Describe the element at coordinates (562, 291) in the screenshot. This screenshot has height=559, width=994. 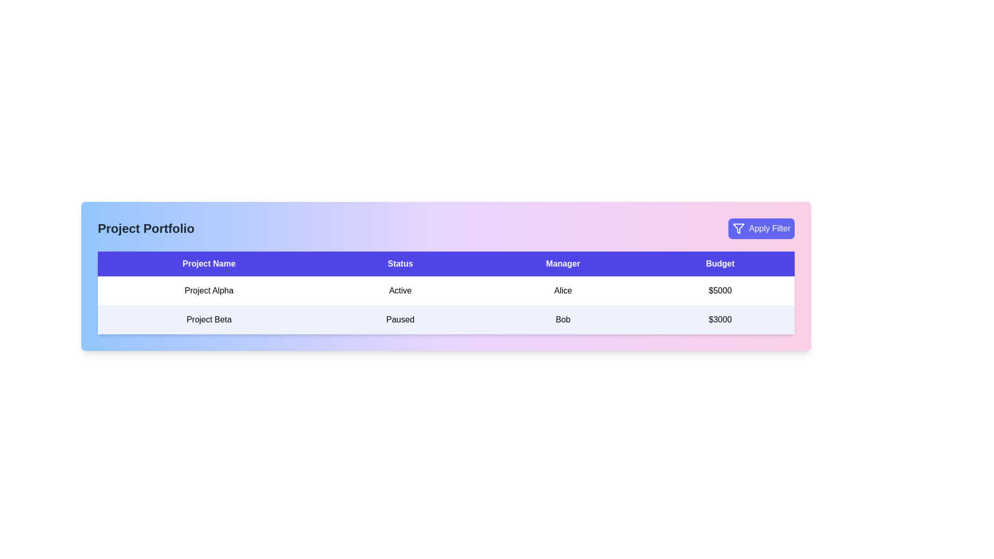
I see `the non-interactive text label displaying the manager's name located in the third column of the first row in the data table` at that location.